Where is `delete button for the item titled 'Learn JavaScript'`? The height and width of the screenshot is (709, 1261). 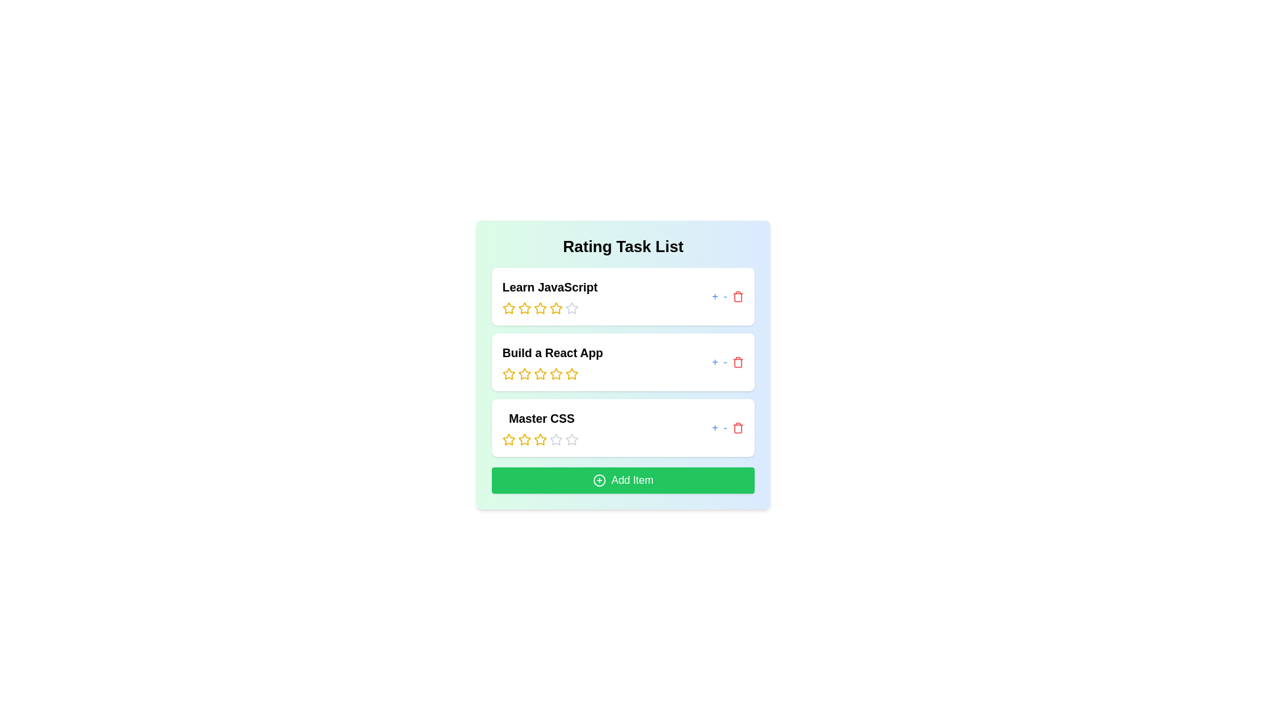
delete button for the item titled 'Learn JavaScript' is located at coordinates (738, 296).